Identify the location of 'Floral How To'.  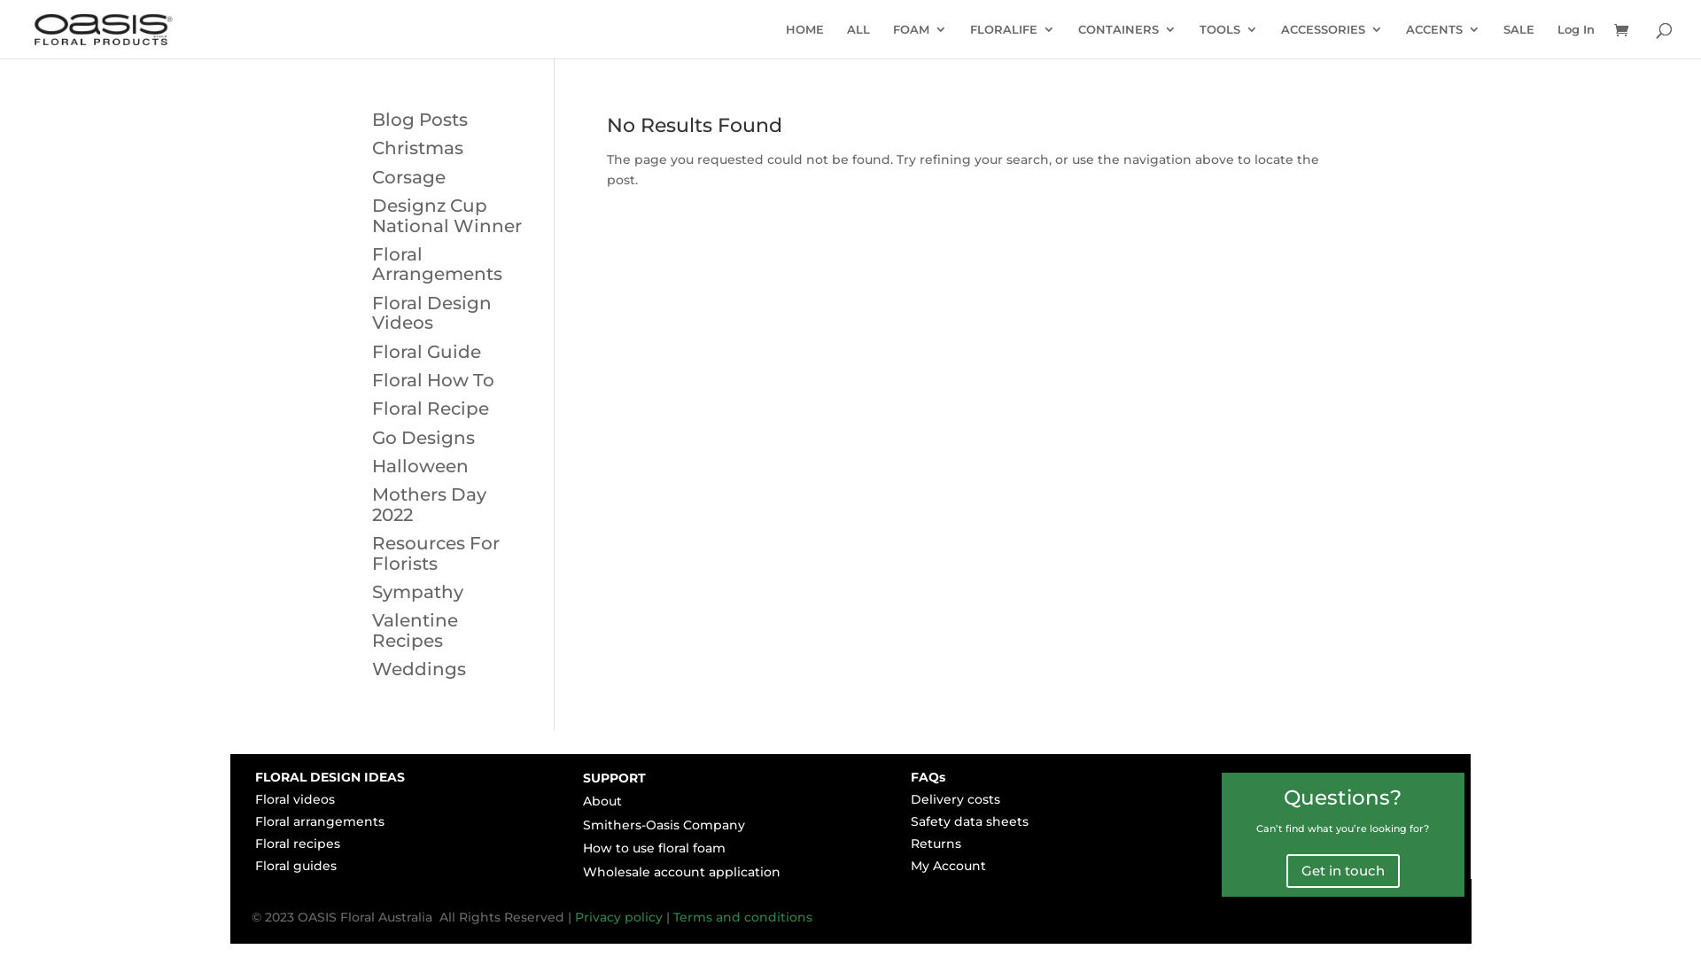
(371, 378).